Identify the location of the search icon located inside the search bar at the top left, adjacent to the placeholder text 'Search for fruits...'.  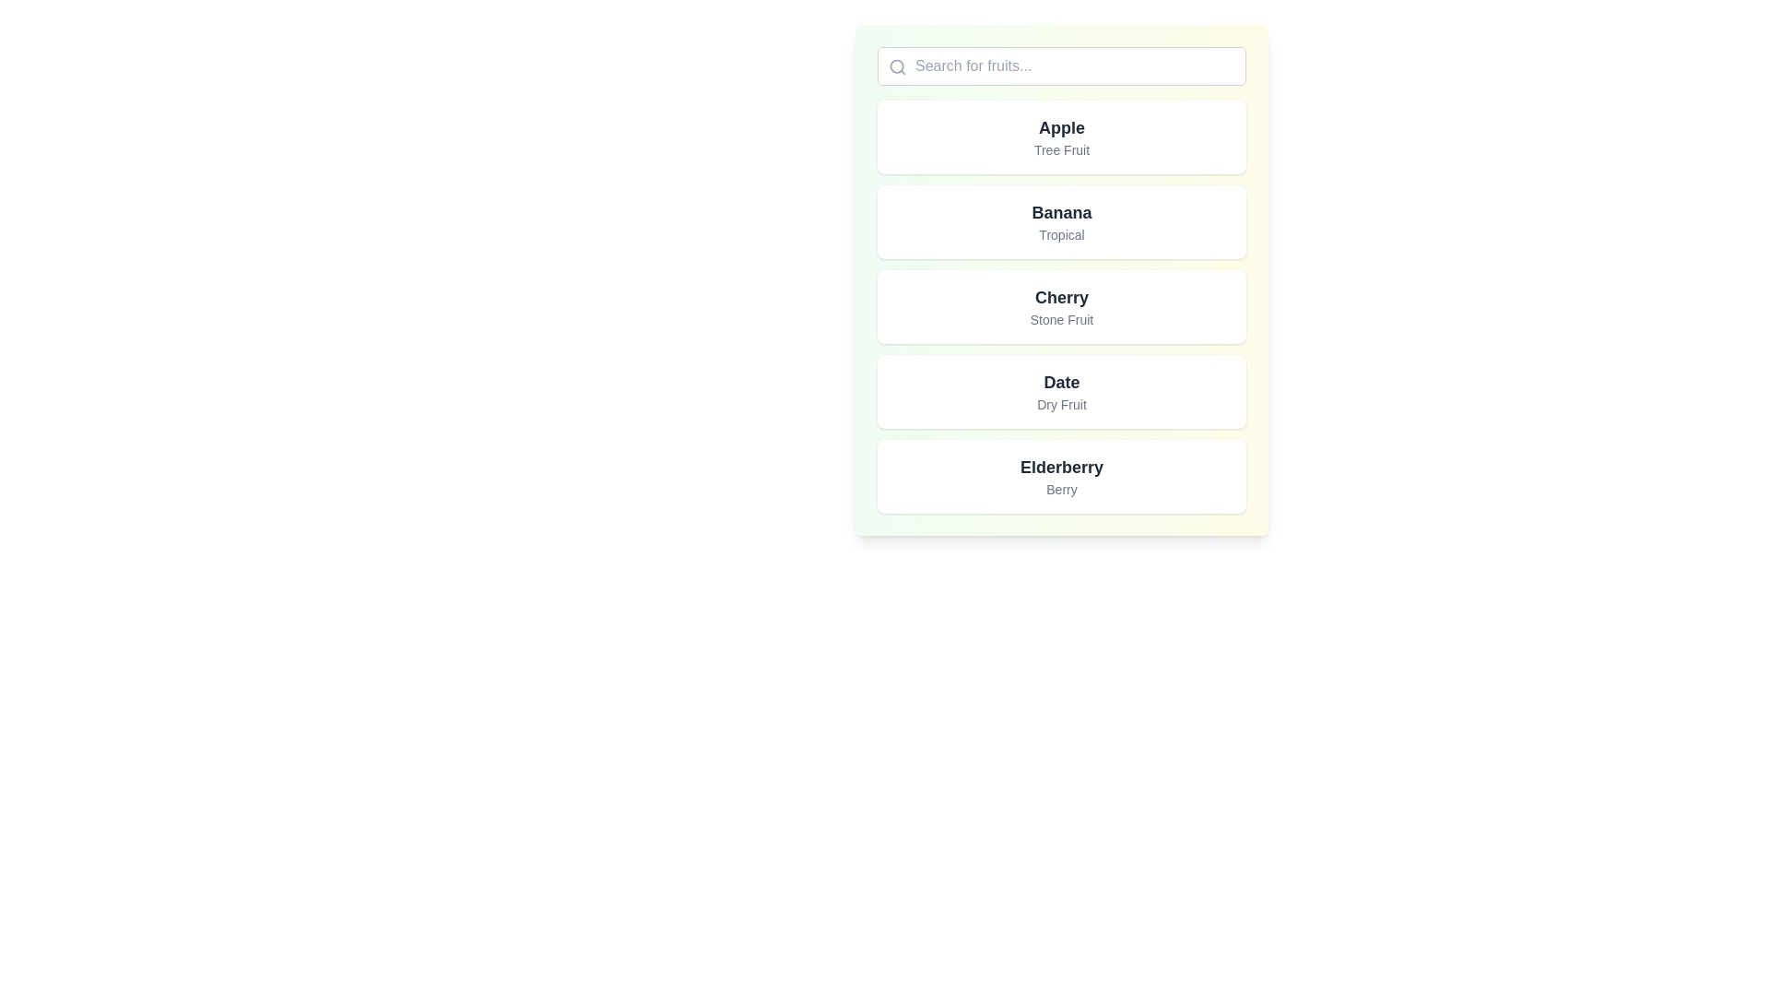
(898, 66).